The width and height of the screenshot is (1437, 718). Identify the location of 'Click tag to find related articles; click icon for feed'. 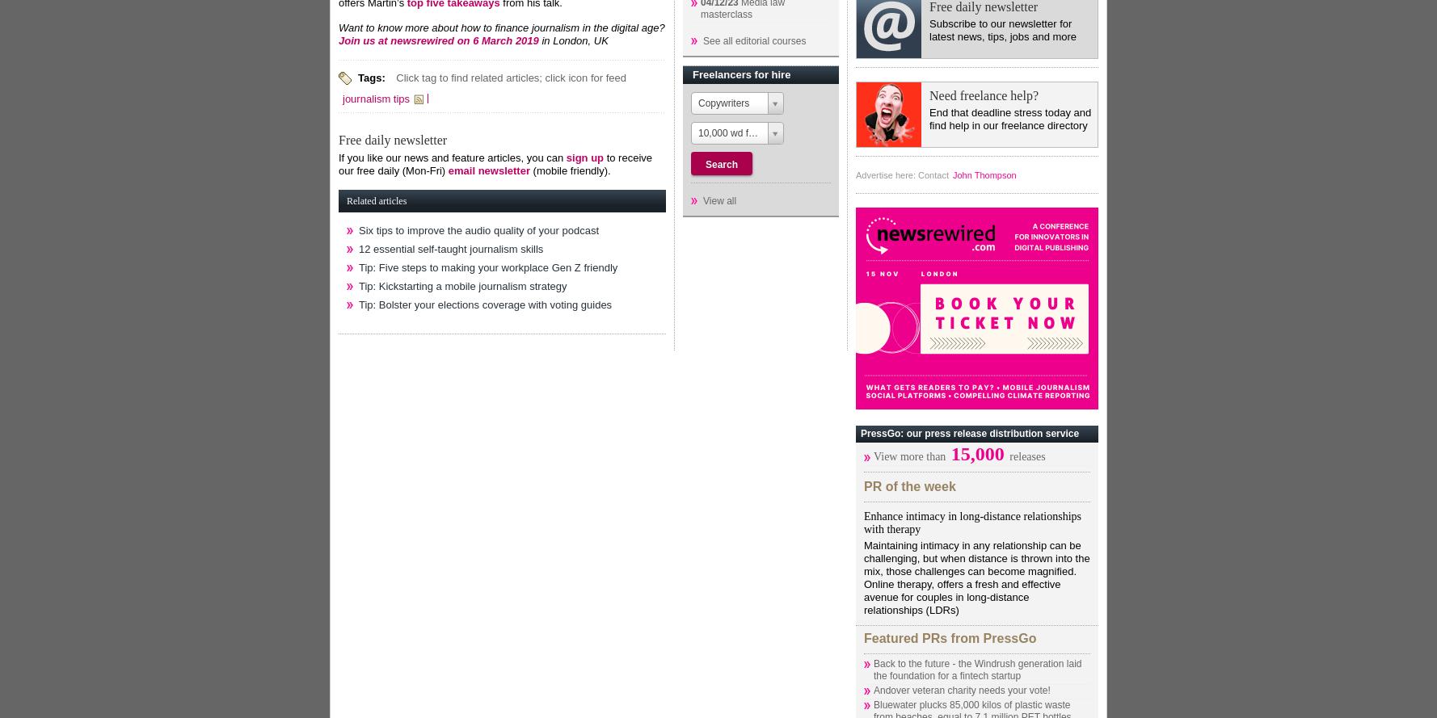
(510, 76).